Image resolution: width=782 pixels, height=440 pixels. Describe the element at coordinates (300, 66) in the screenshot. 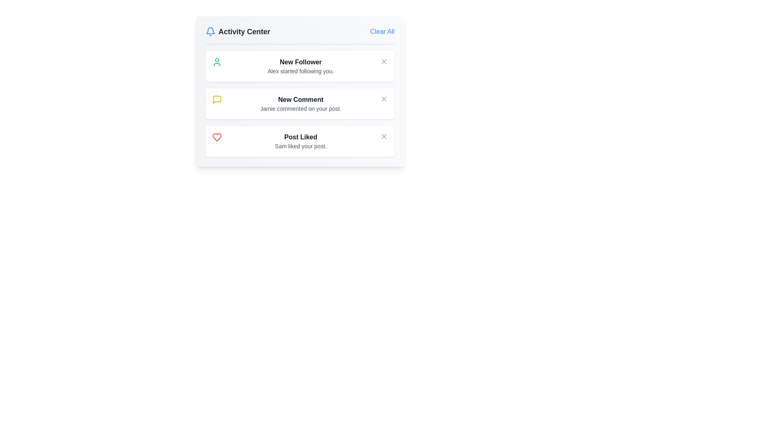

I see `the notification indicating that 'Alex' has started following the user, which is the topmost entry in the Activity Center notifications` at that location.